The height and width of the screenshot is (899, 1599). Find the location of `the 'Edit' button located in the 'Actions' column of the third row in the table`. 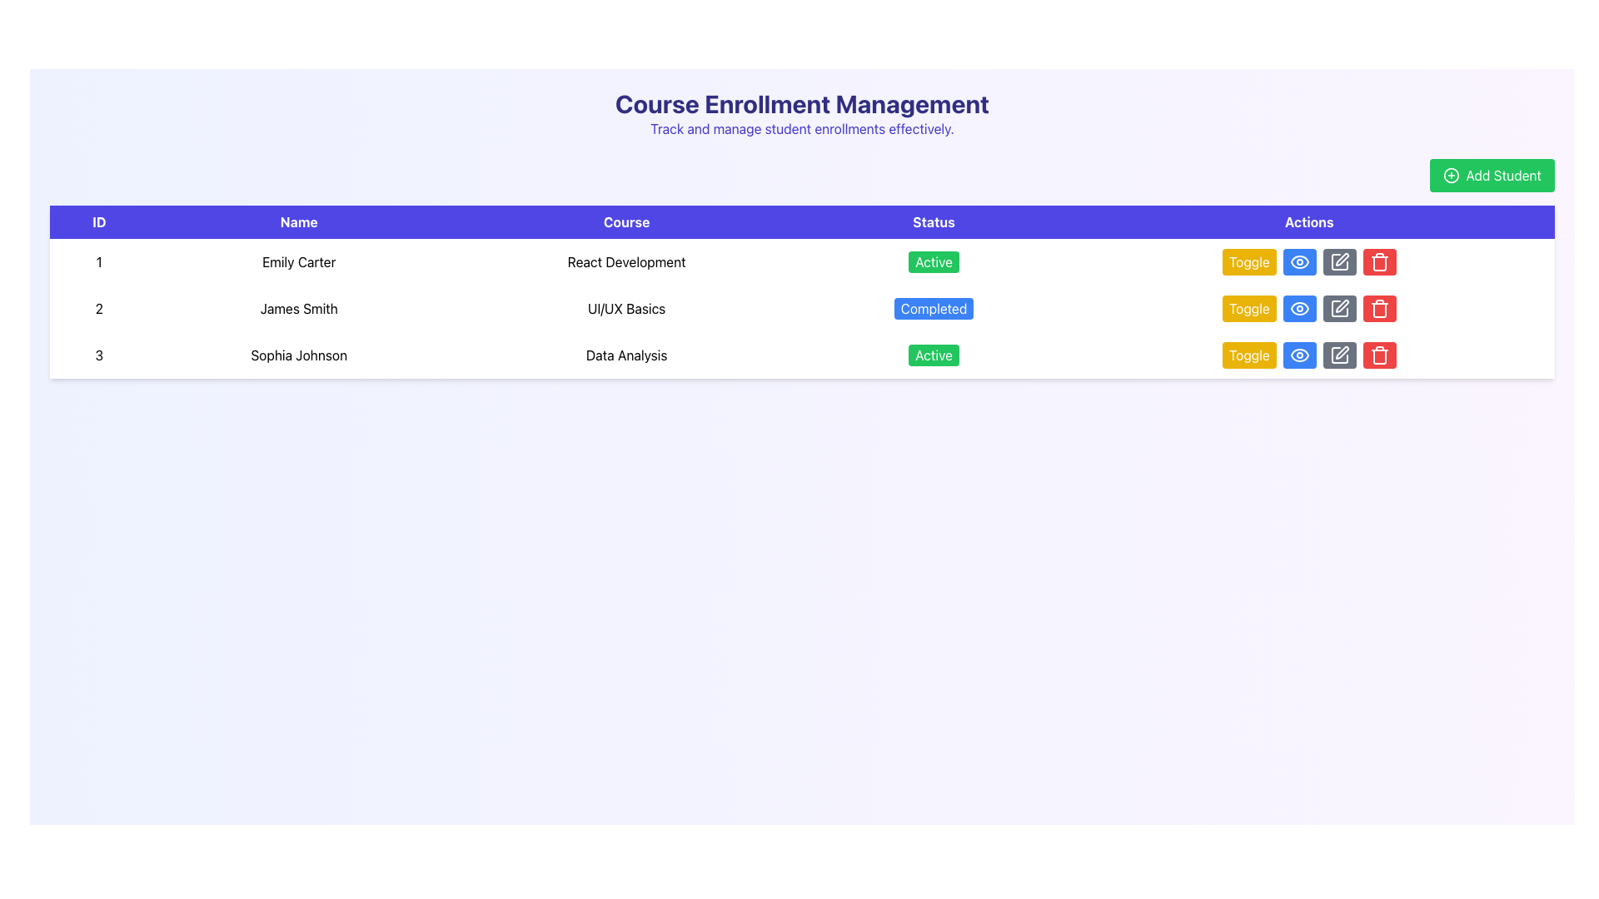

the 'Edit' button located in the 'Actions' column of the third row in the table is located at coordinates (1339, 262).